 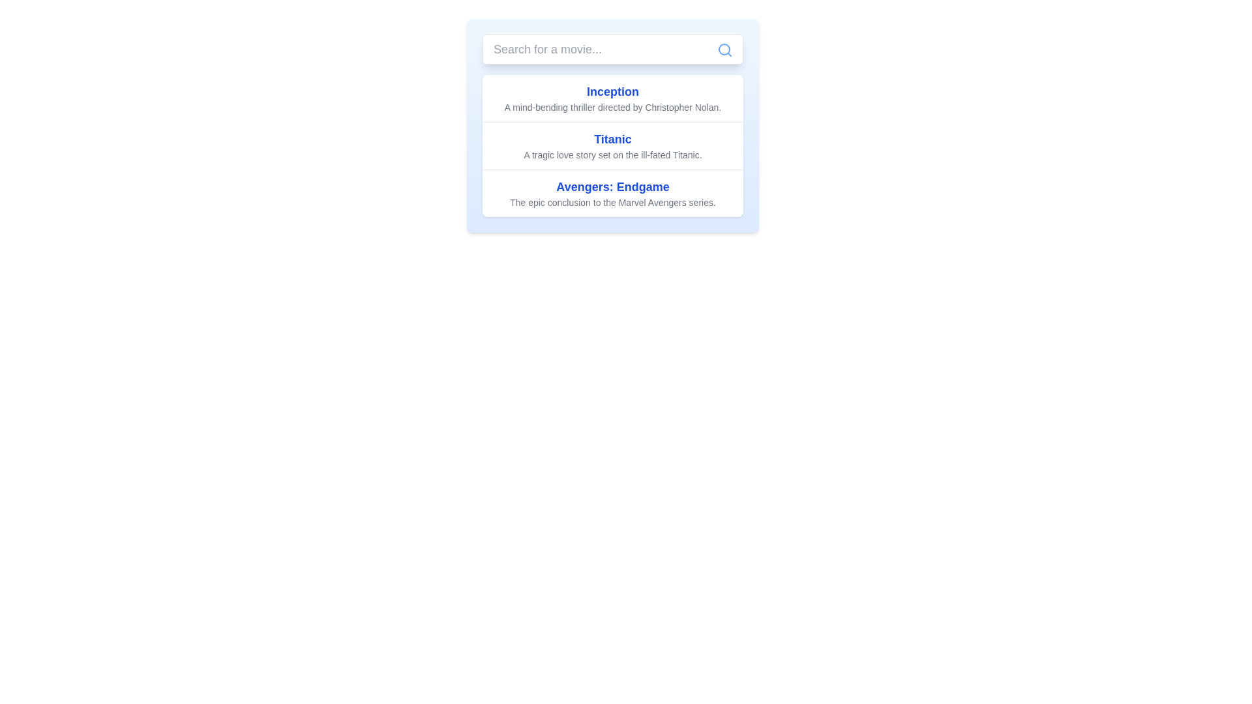 I want to click on the text label that reads 'The epic conclusion to the Marvel Avengers series.' located beneath the title 'Avengers: Endgame', so click(x=612, y=203).